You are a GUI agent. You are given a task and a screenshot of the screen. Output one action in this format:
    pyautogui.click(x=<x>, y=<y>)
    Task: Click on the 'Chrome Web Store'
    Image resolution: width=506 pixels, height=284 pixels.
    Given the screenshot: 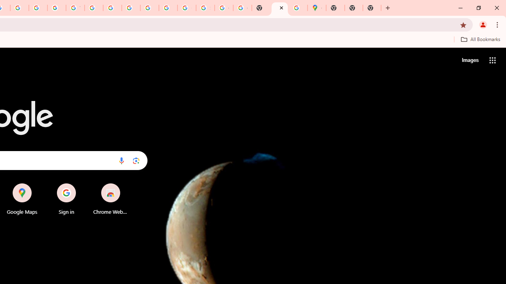 What is the action you would take?
    pyautogui.click(x=110, y=199)
    